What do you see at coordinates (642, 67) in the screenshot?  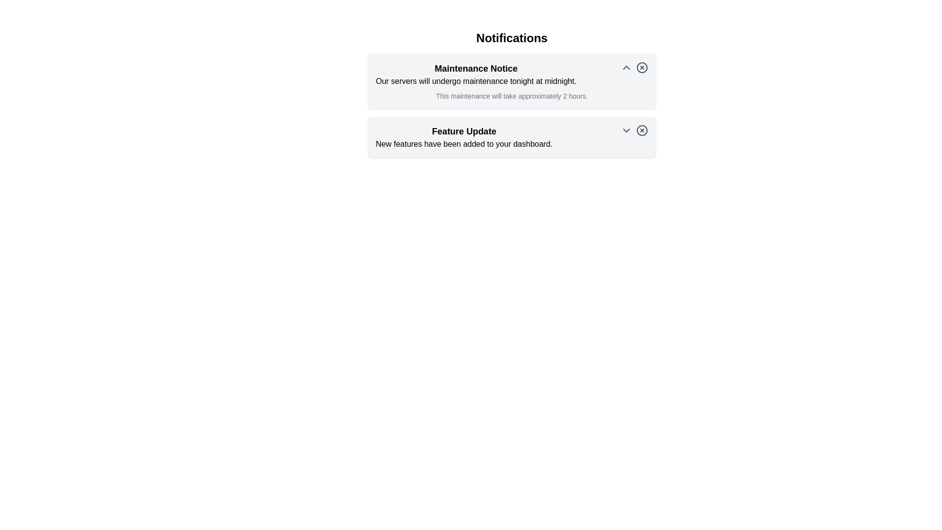 I see `delete button of the notification titled 'Maintenance Notice'` at bounding box center [642, 67].